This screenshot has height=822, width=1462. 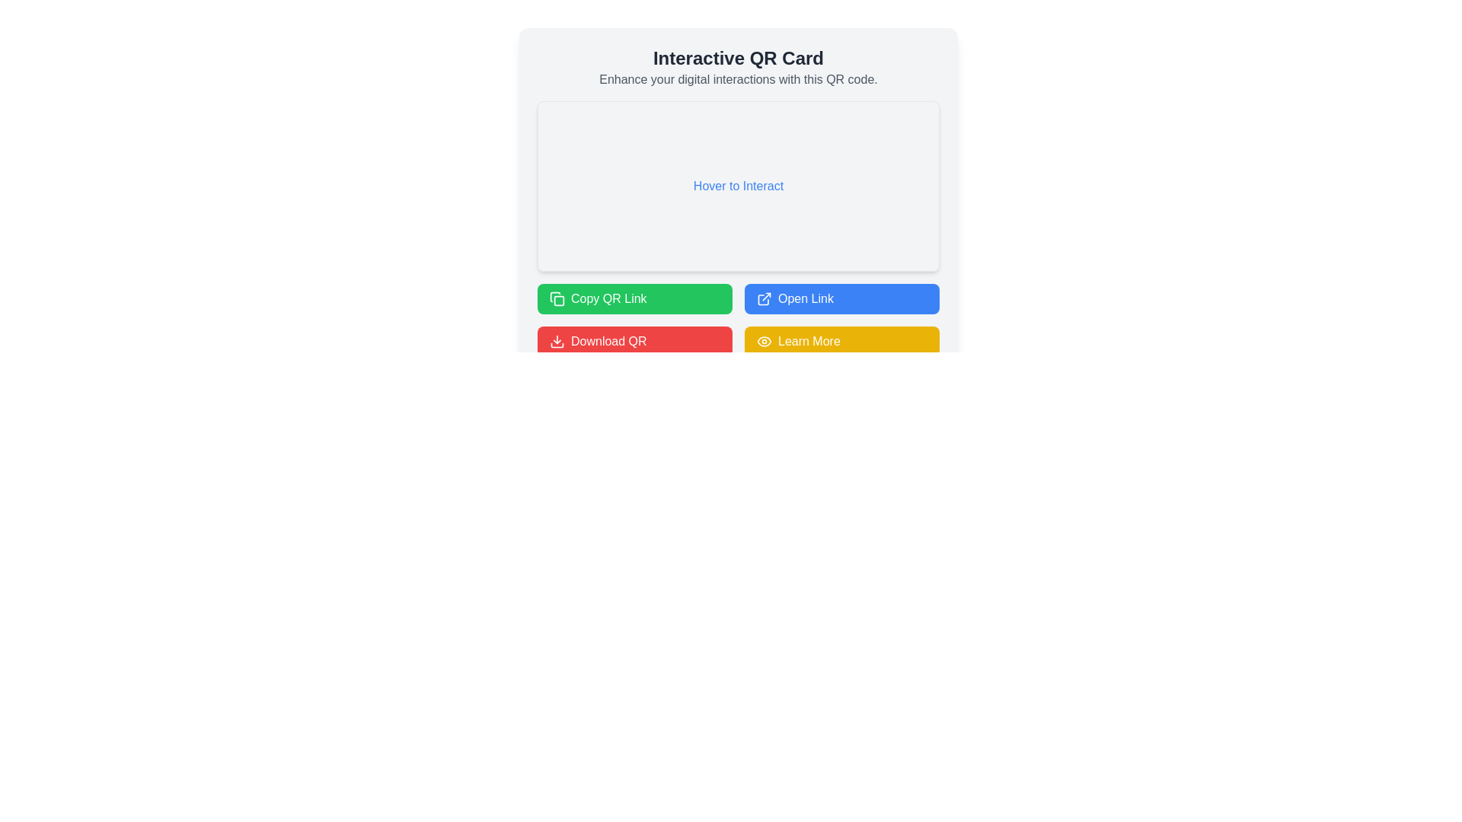 I want to click on the rectangular interactive area with a light gray background and centered text that reads 'Hover to Interact', so click(x=738, y=186).